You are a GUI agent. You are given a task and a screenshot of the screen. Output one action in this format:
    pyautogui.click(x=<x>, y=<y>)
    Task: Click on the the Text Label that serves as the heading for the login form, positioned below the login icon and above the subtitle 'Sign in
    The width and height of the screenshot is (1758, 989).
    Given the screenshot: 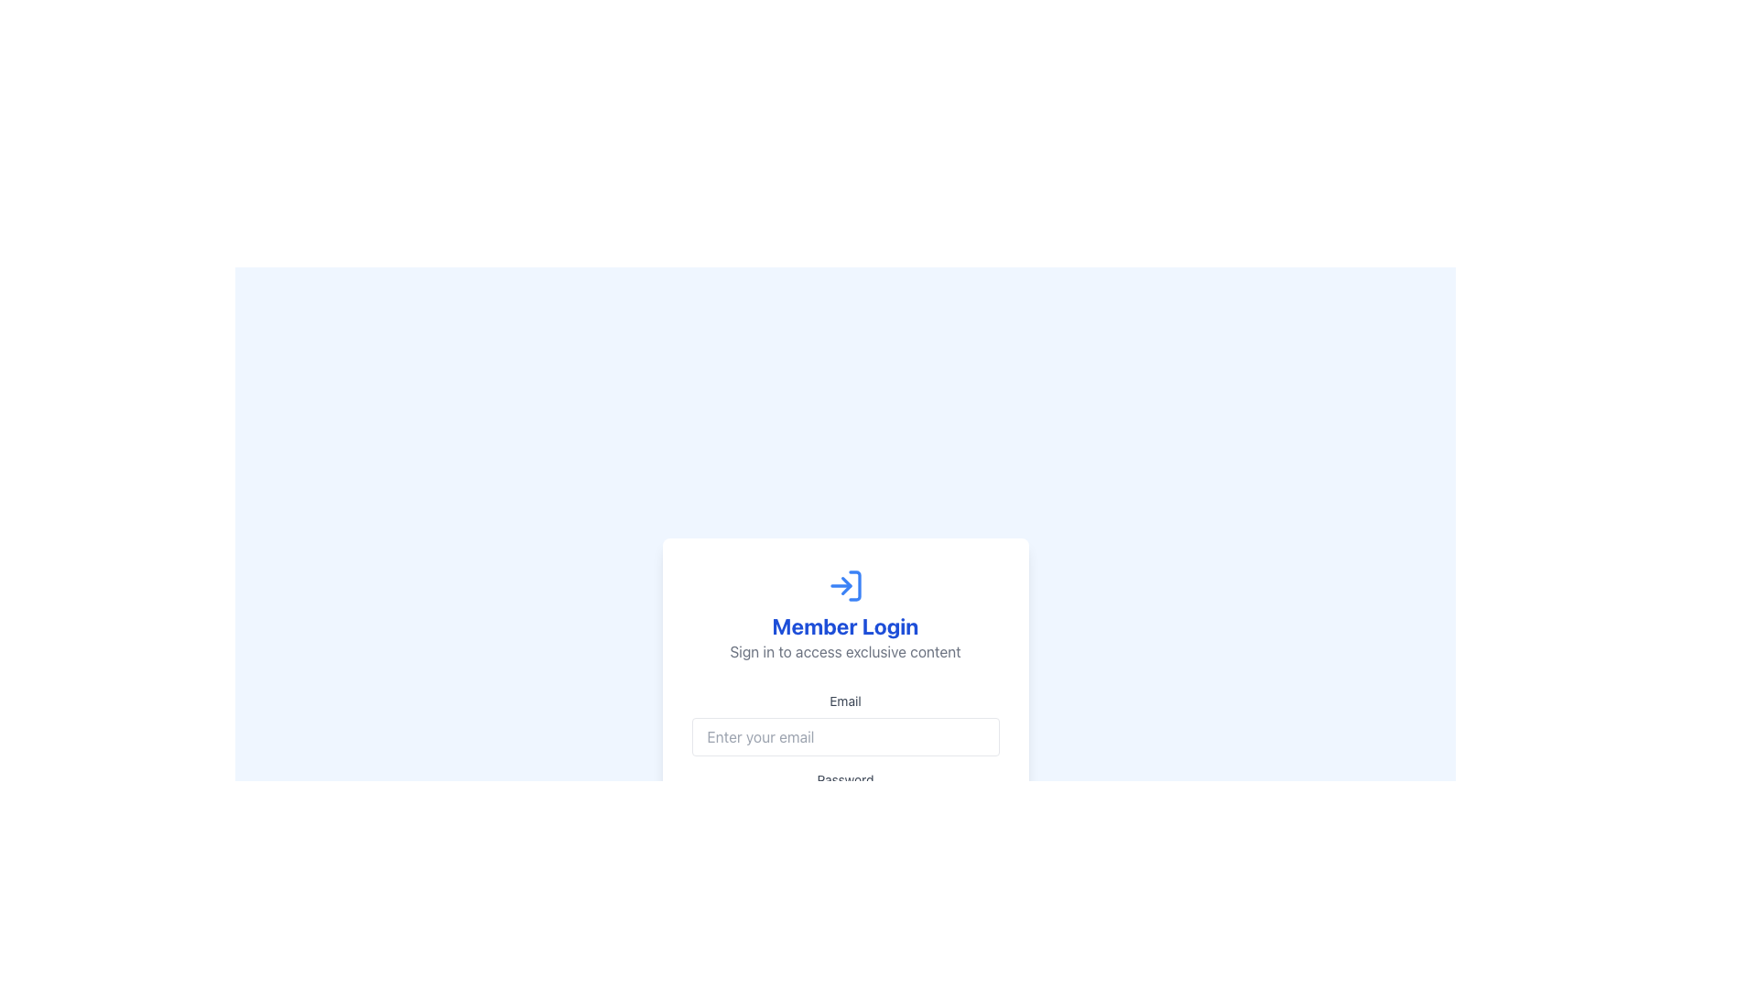 What is the action you would take?
    pyautogui.click(x=844, y=625)
    